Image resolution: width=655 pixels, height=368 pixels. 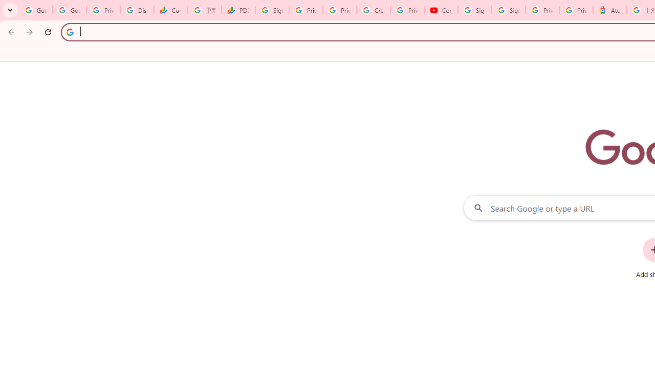 I want to click on 'Create your Google Account', so click(x=373, y=10).